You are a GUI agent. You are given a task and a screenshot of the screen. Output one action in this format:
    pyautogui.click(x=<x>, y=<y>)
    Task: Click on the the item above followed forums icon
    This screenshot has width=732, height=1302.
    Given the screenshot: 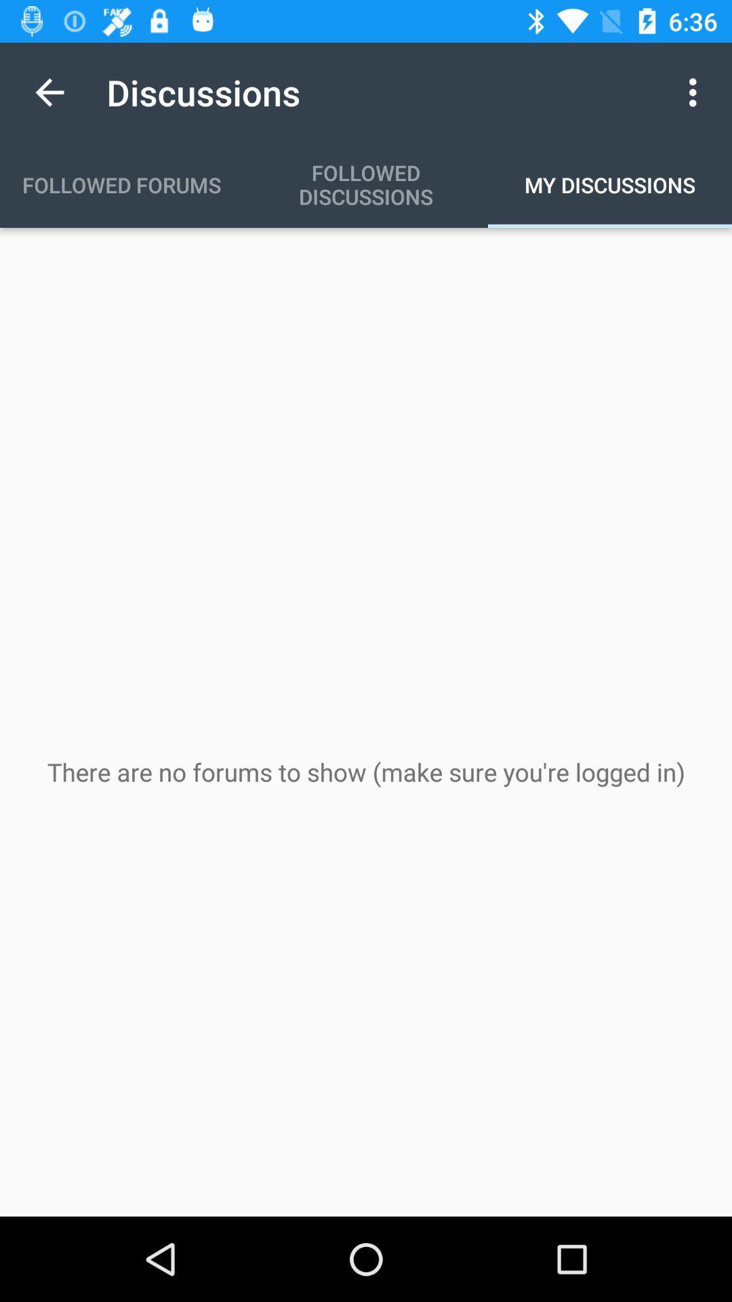 What is the action you would take?
    pyautogui.click(x=49, y=92)
    